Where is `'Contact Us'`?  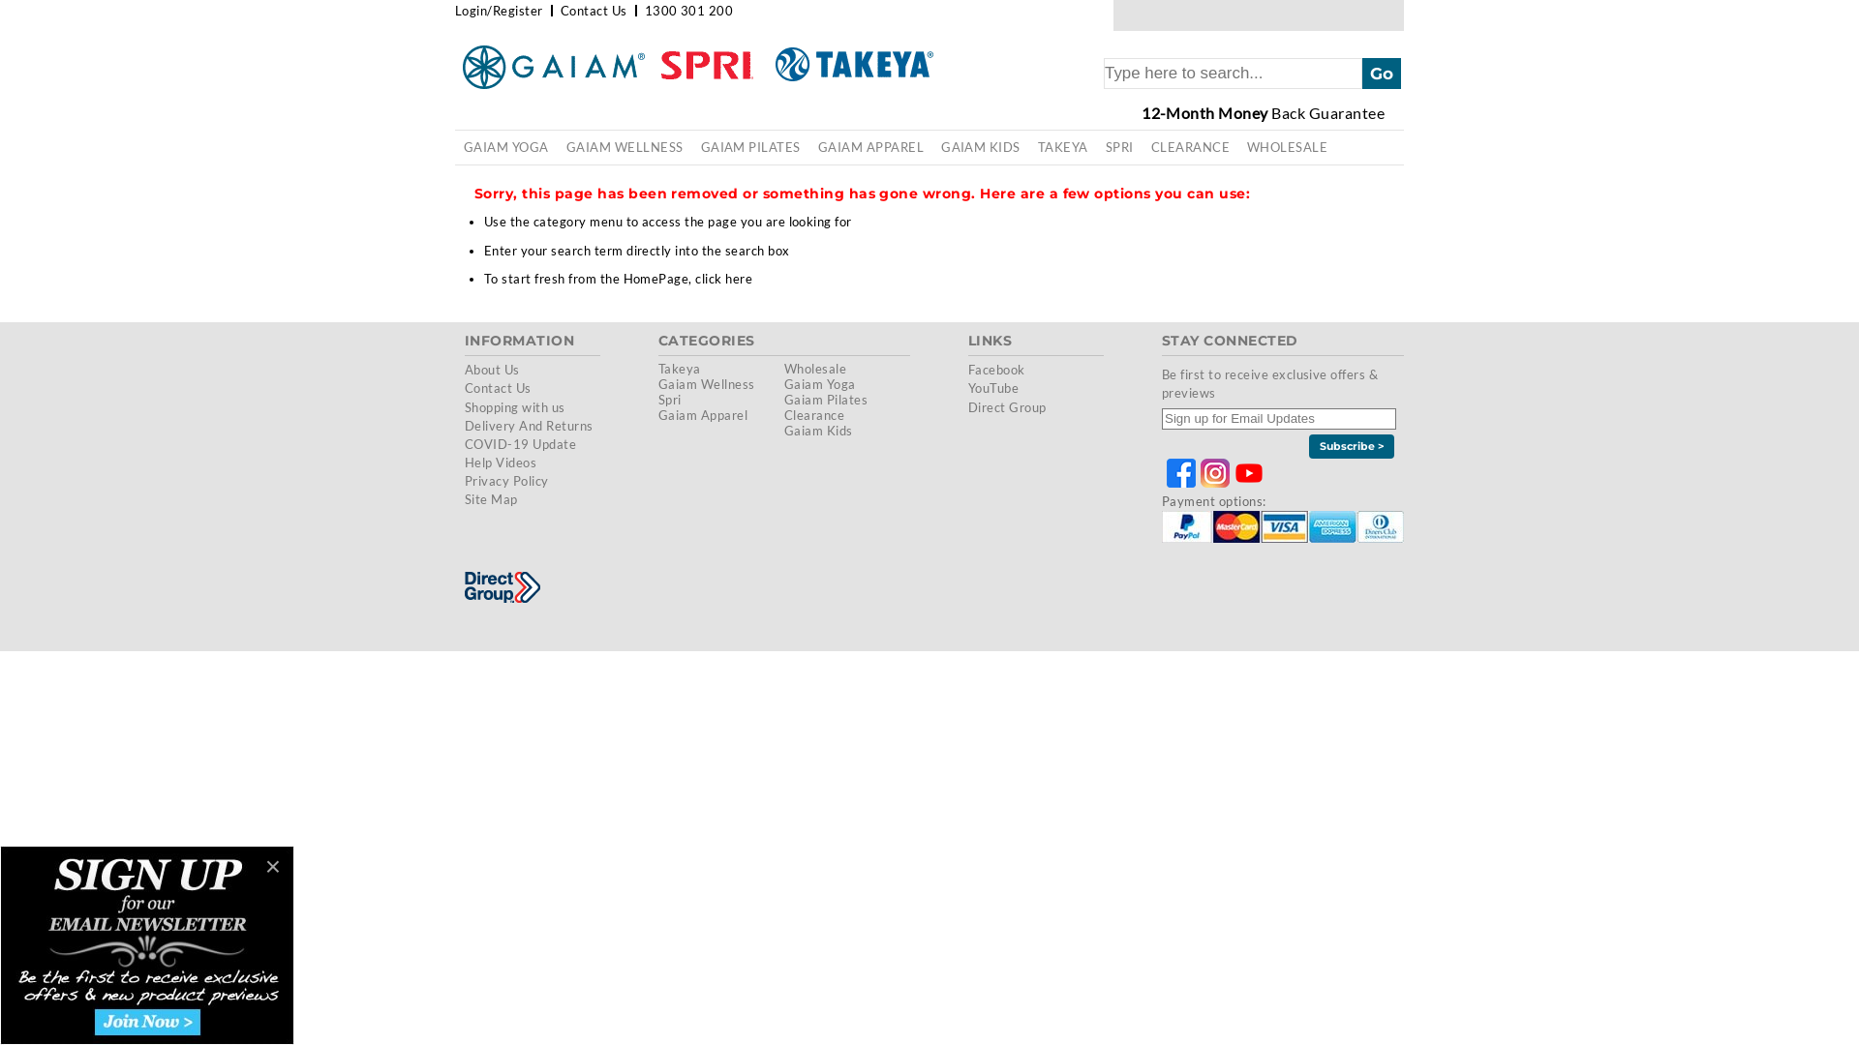 'Contact Us' is located at coordinates (465, 388).